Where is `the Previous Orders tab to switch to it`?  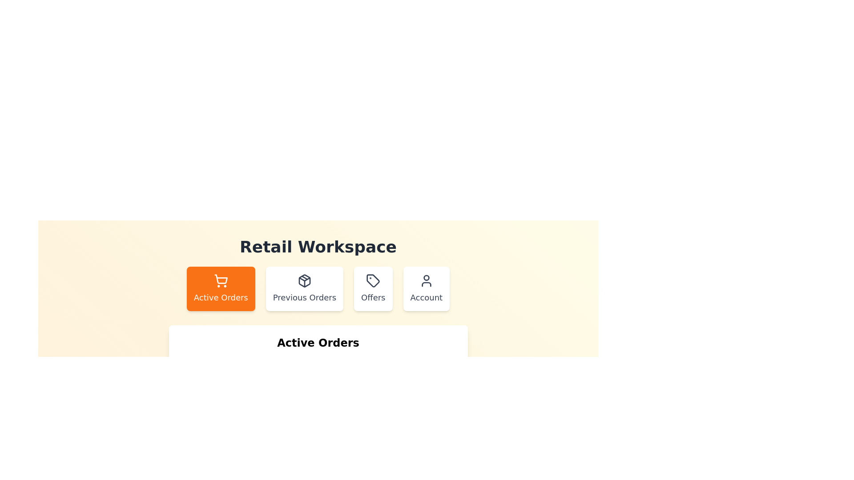
the Previous Orders tab to switch to it is located at coordinates (304, 289).